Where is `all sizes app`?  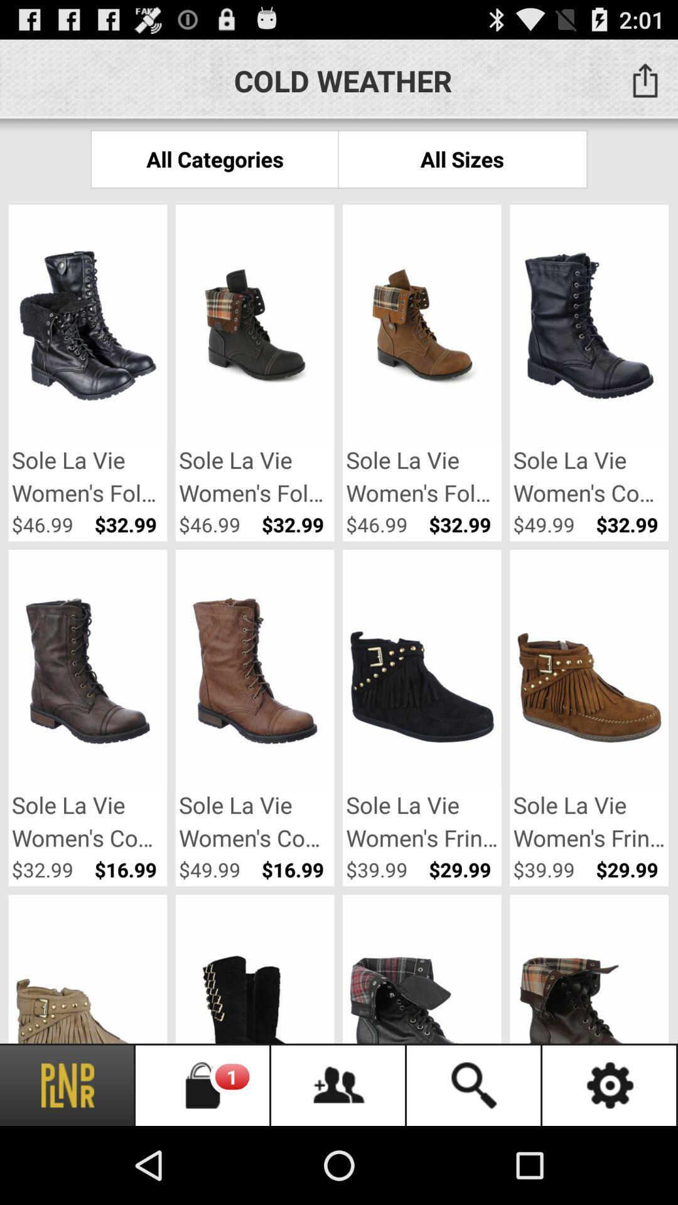 all sizes app is located at coordinates (462, 158).